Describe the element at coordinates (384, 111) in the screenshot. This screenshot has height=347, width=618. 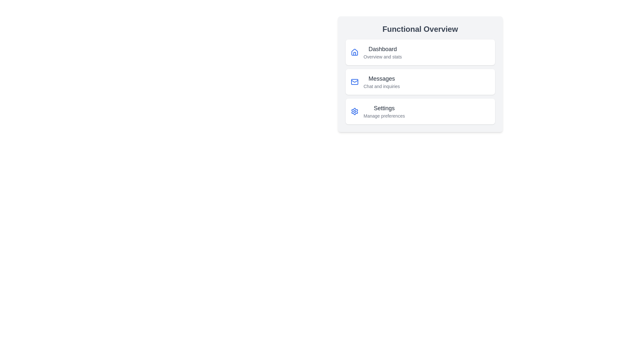
I see `the text block with the title 'Settings' and subtitle 'Manage preferences' in the third card of the 'Functional Overview' section` at that location.